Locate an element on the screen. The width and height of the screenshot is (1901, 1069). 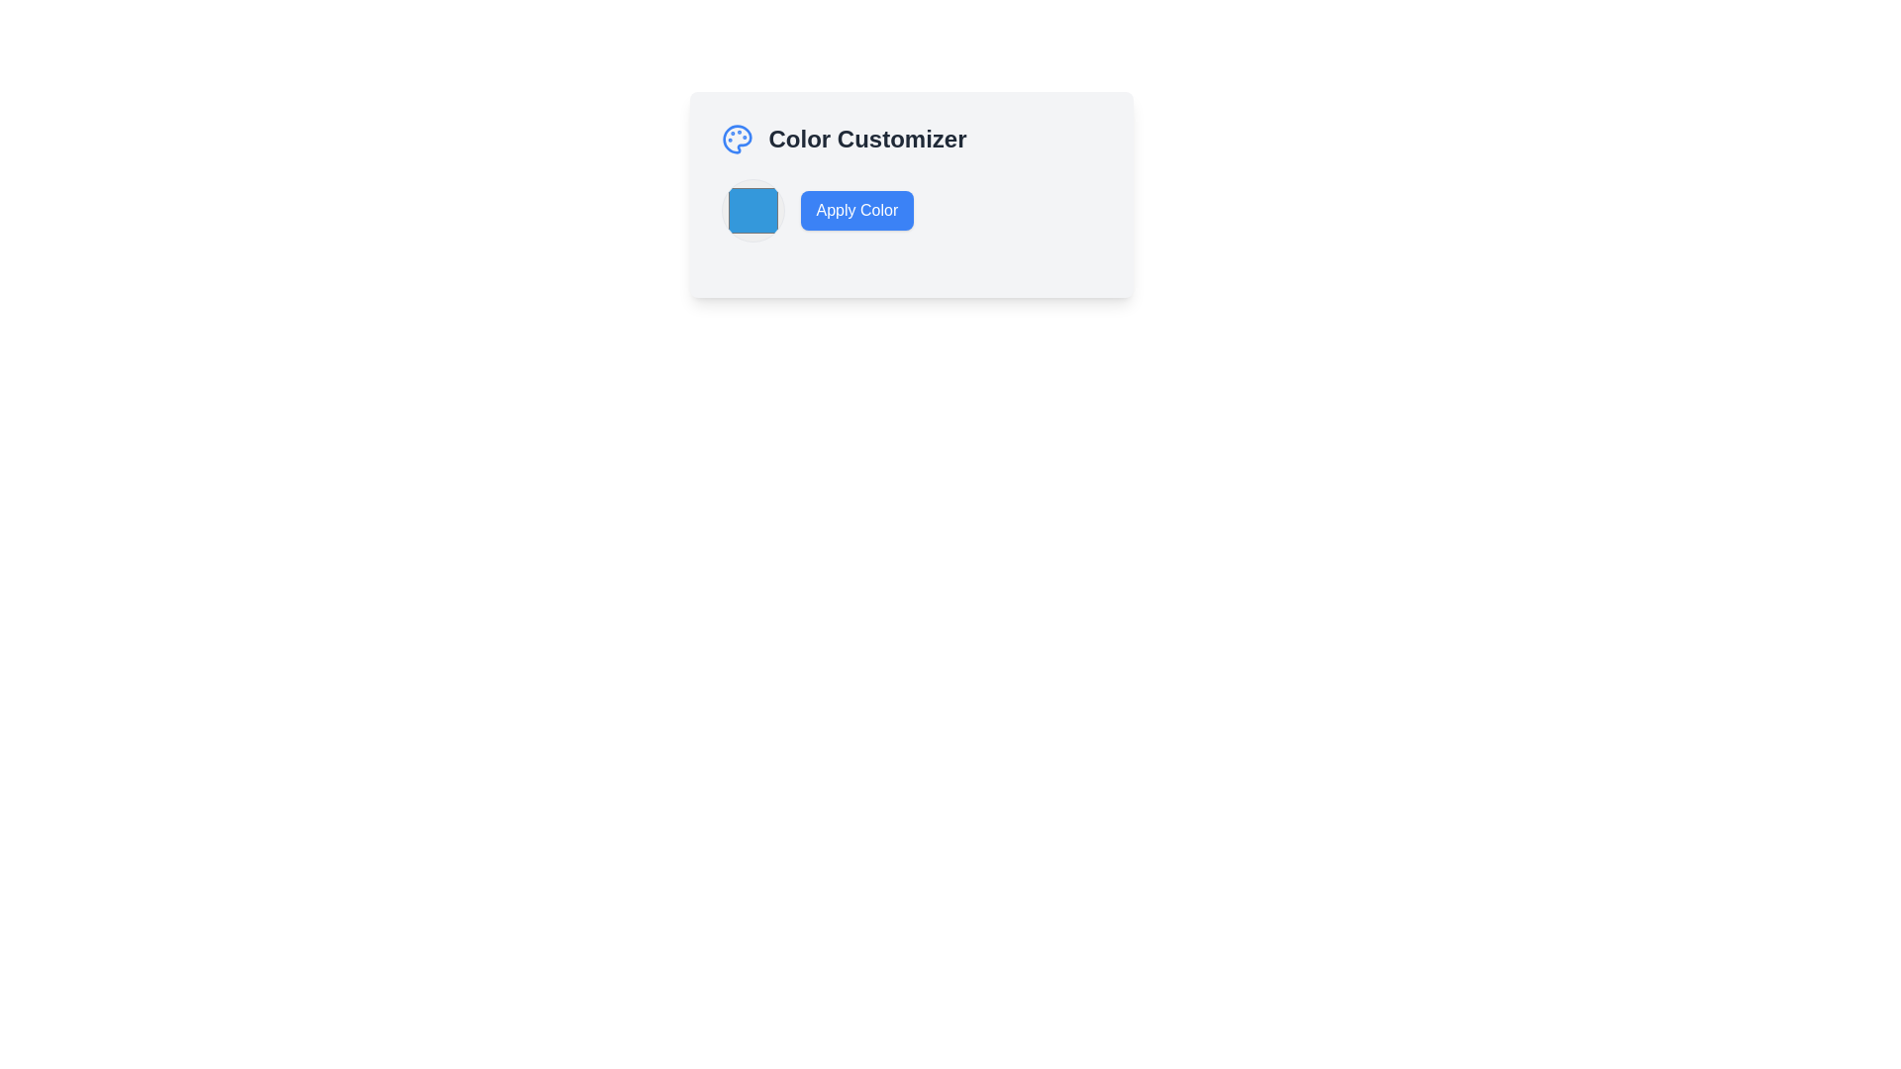
the 'Apply Color' button located within the 'Color Customizer' card to apply the selected color from the adjacent color picker widget is located at coordinates (856, 210).